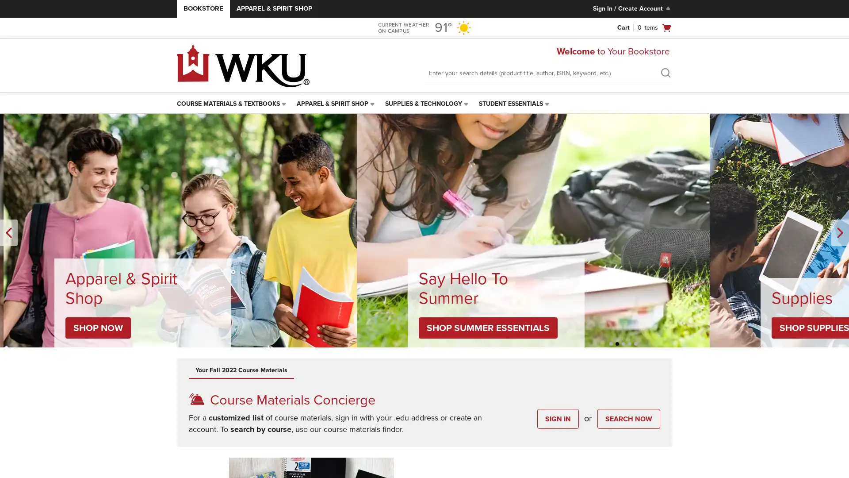 The width and height of the screenshot is (849, 478). I want to click on Selected, Slide 3, so click(623, 343).